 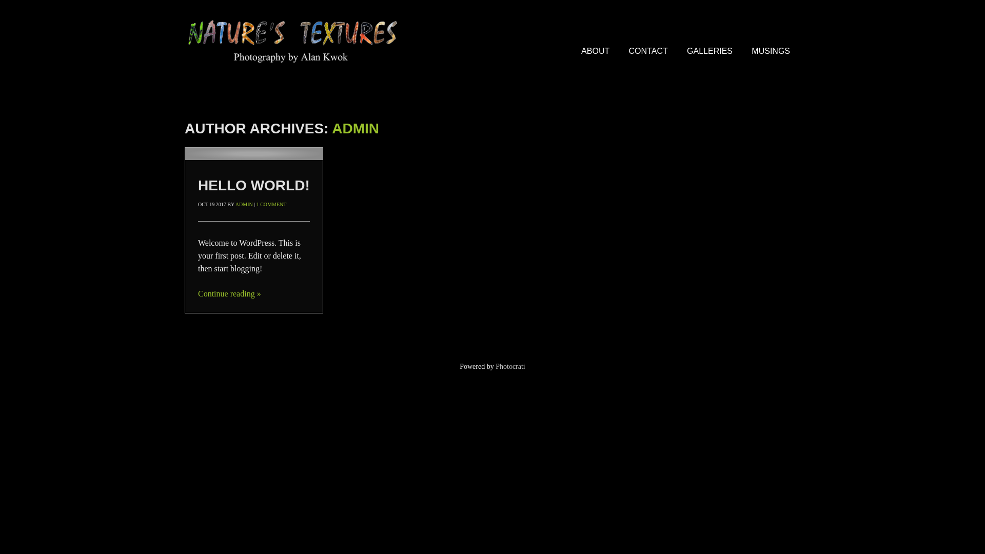 What do you see at coordinates (771, 51) in the screenshot?
I see `'MUSINGS'` at bounding box center [771, 51].